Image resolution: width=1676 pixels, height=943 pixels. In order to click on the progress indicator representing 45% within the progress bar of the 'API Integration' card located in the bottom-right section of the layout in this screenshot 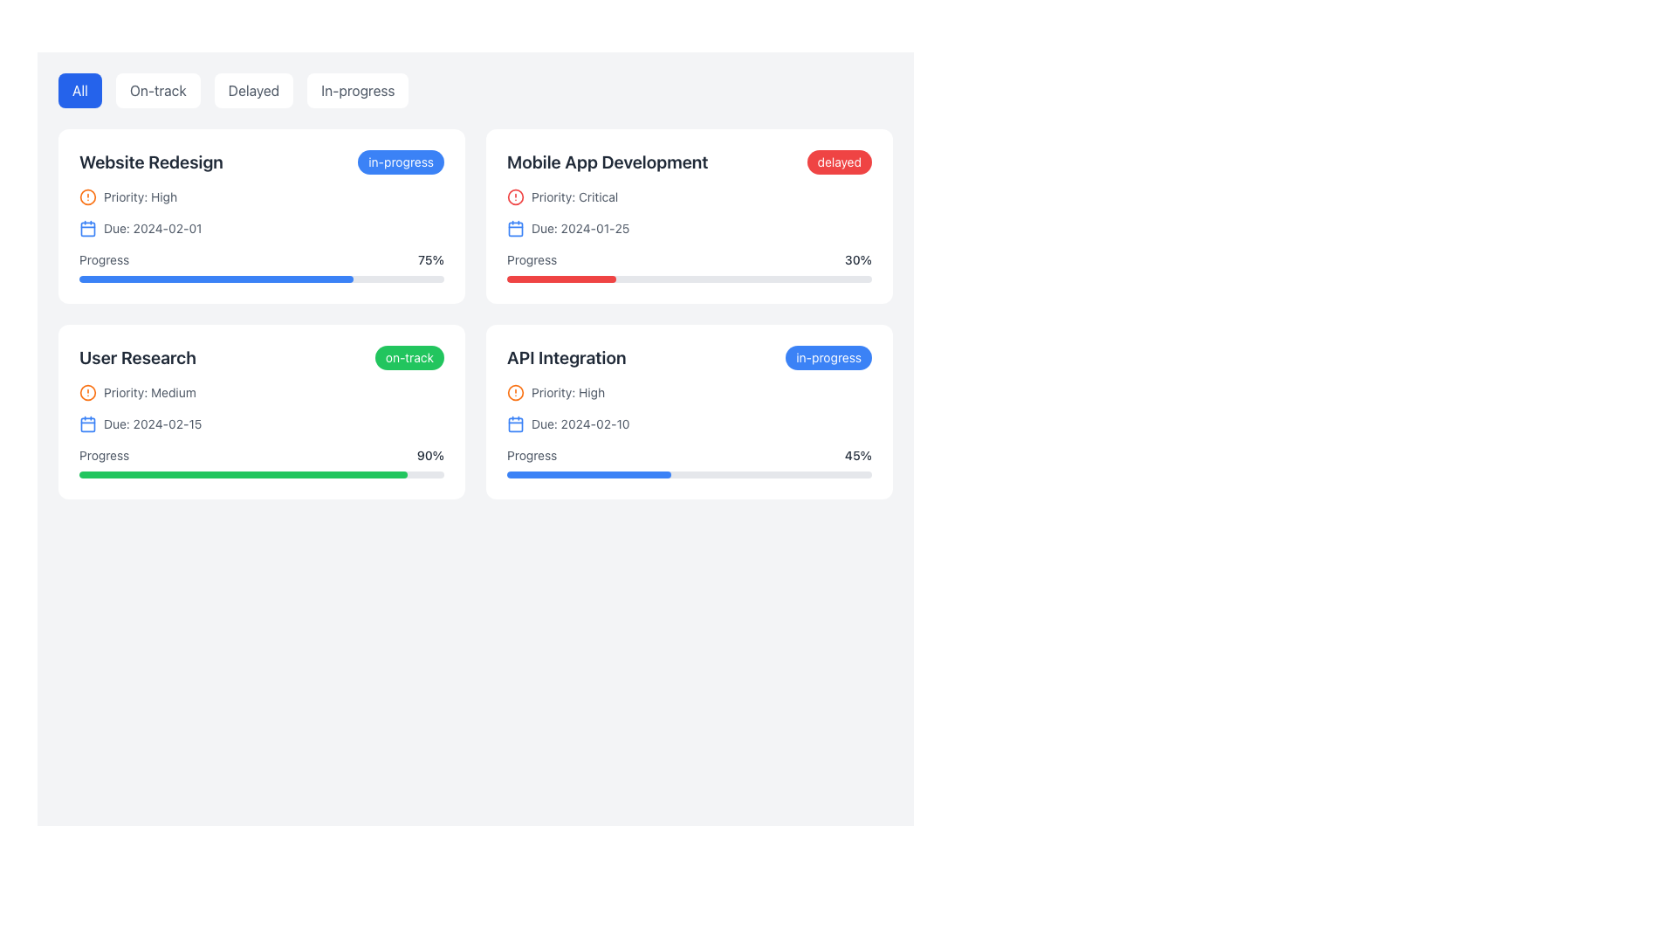, I will do `click(589, 474)`.